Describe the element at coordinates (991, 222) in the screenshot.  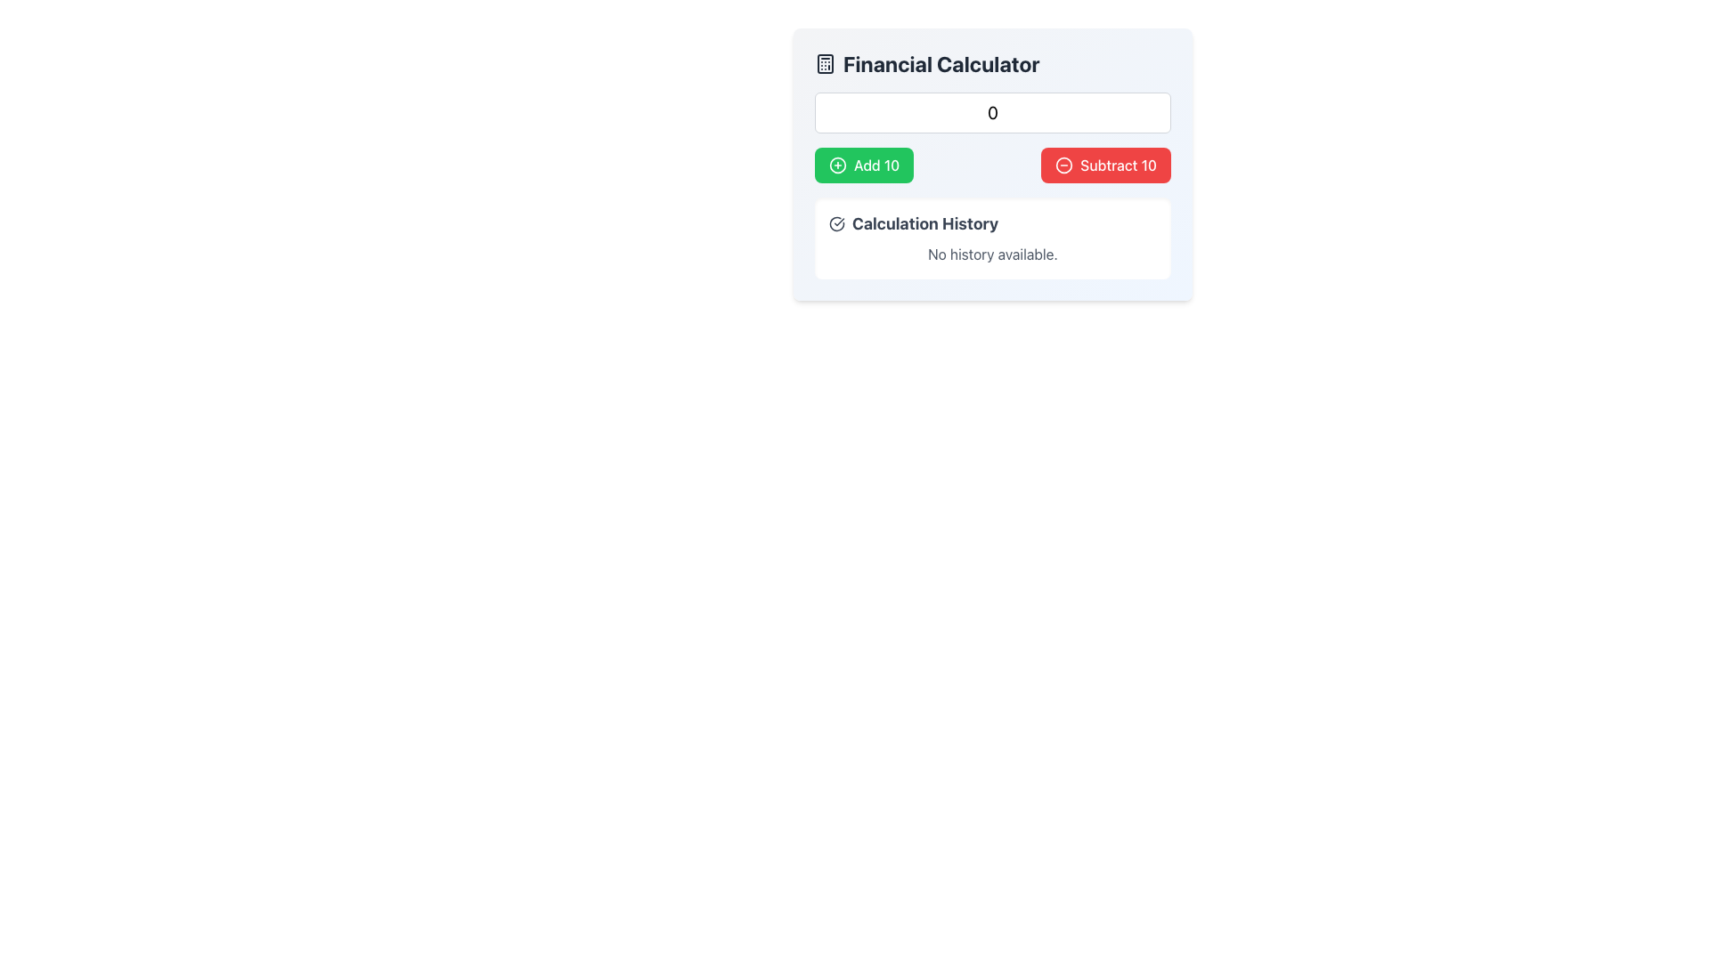
I see `the title text label that serves as the header for the calculation history section, positioned centrally below the numeric input and buttons, and above the text 'No history available.'` at that location.